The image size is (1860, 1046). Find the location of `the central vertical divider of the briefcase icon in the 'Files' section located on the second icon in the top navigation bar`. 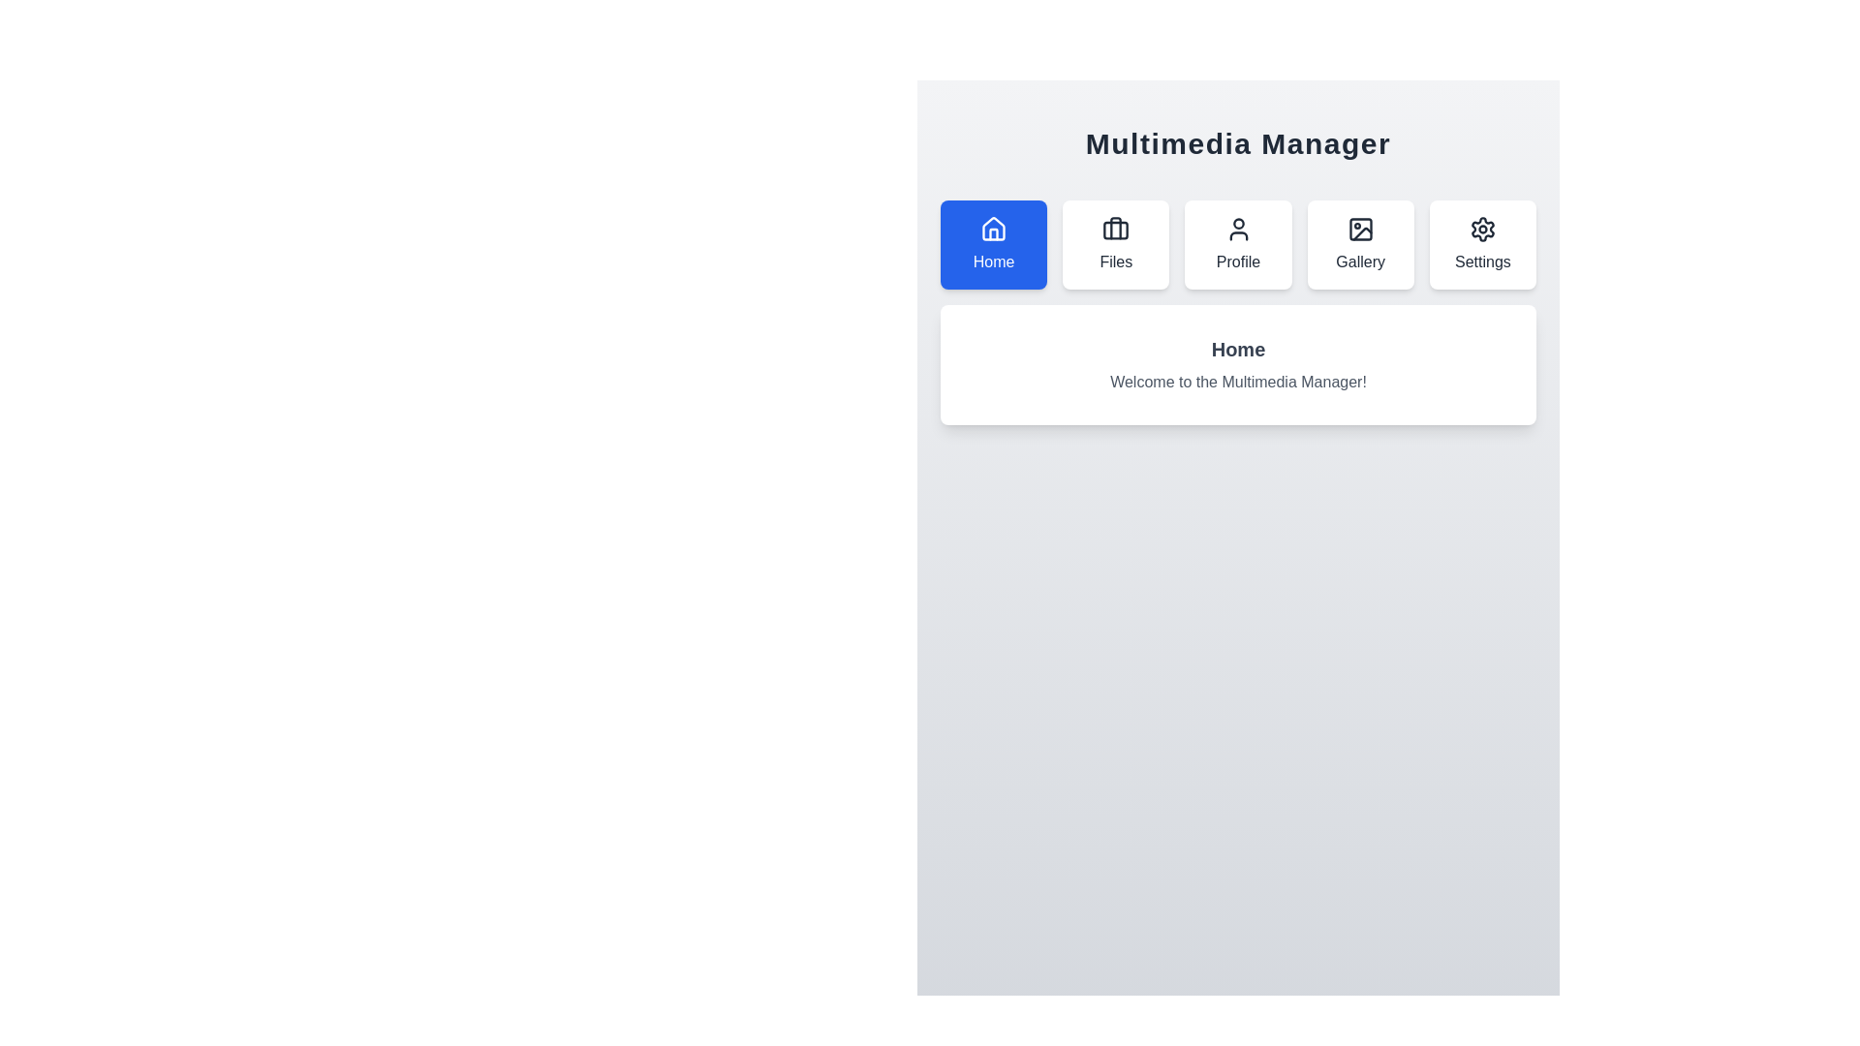

the central vertical divider of the briefcase icon in the 'Files' section located on the second icon in the top navigation bar is located at coordinates (1116, 227).